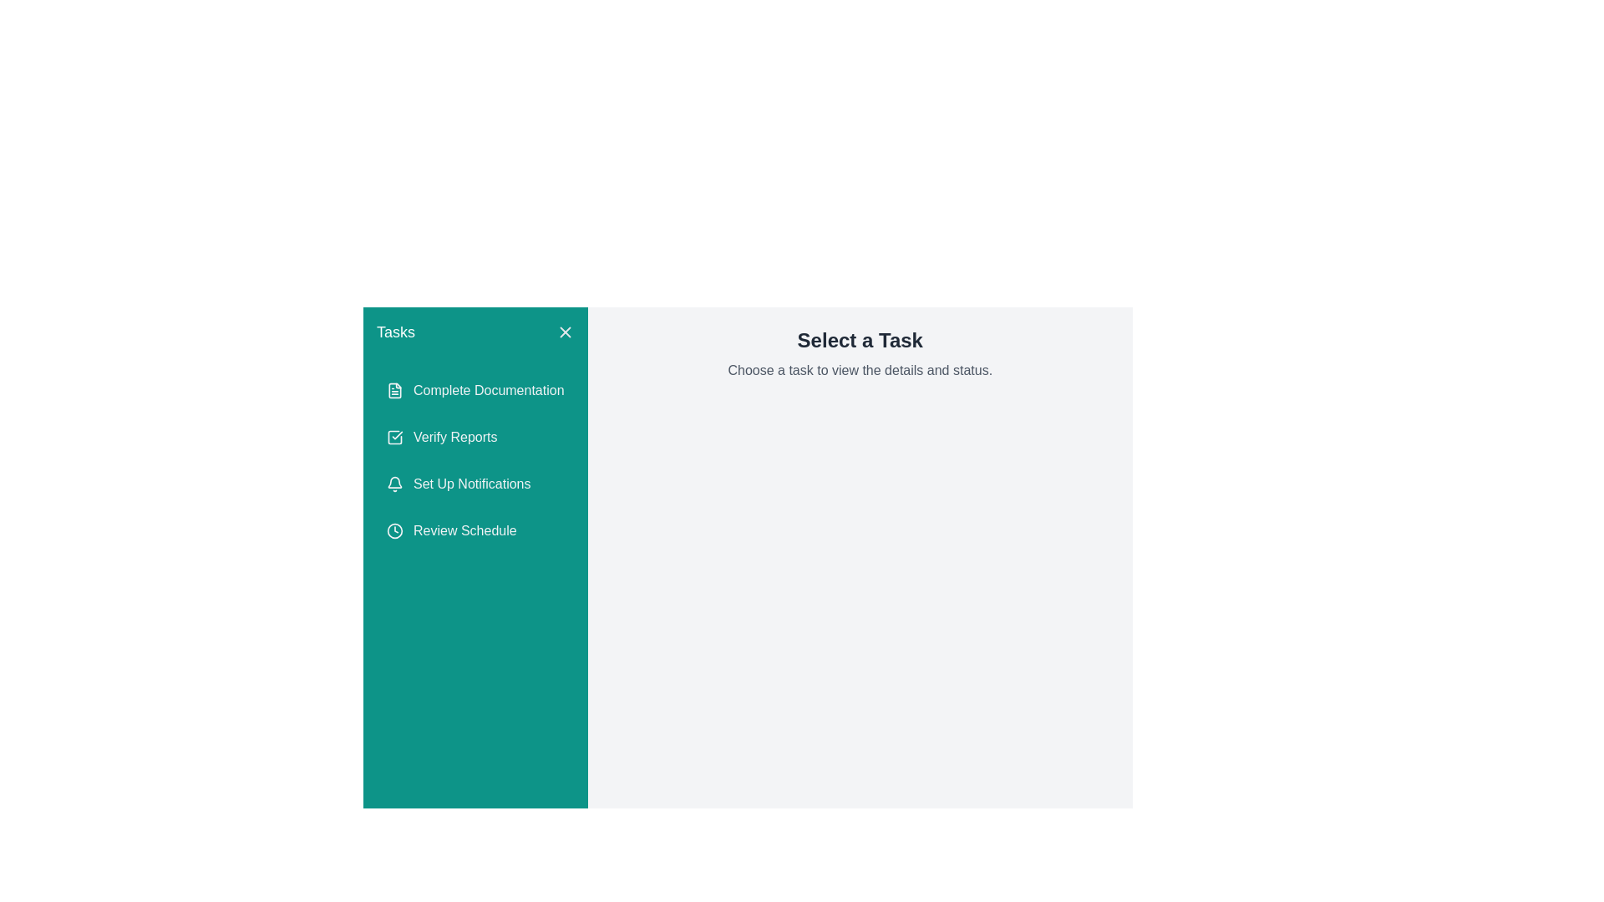 The height and width of the screenshot is (902, 1604). Describe the element at coordinates (464, 531) in the screenshot. I see `the 'Review Schedule' text label with a green background` at that location.